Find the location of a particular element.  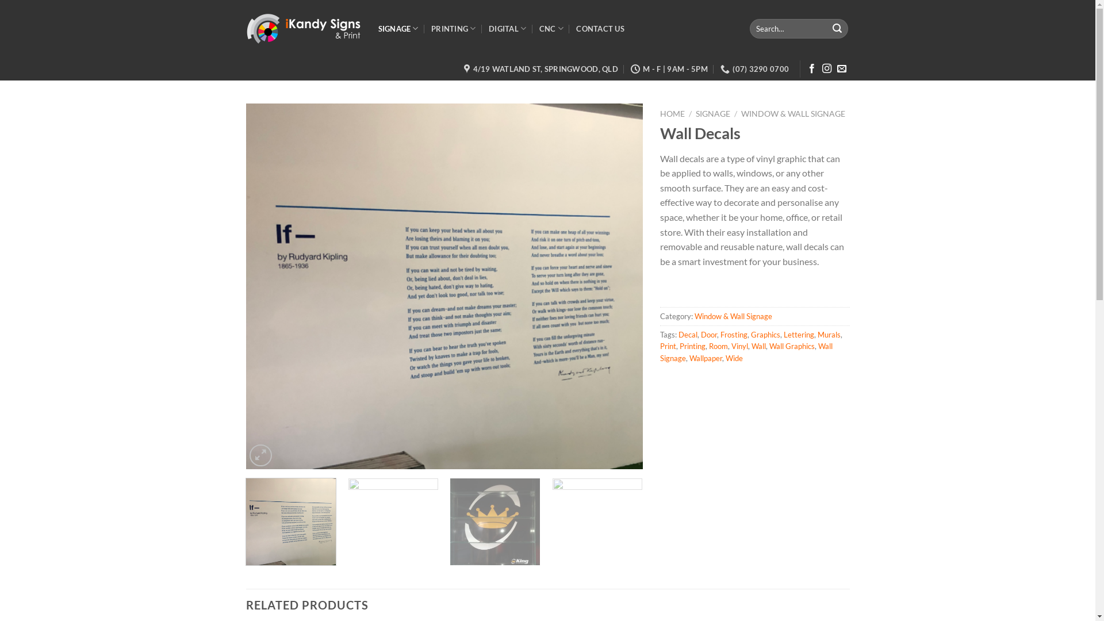

'M - F | 9AM - 5PM' is located at coordinates (669, 68).